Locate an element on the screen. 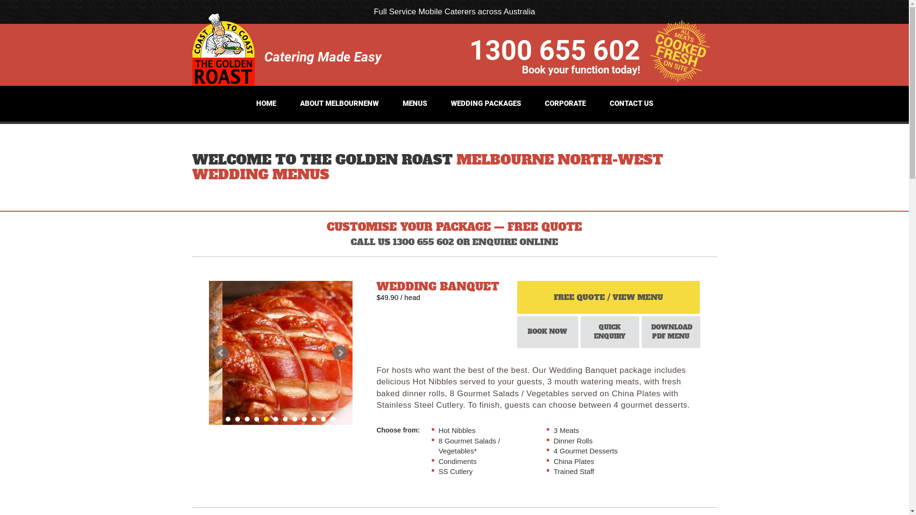 The height and width of the screenshot is (515, 916). '9' is located at coordinates (302, 419).